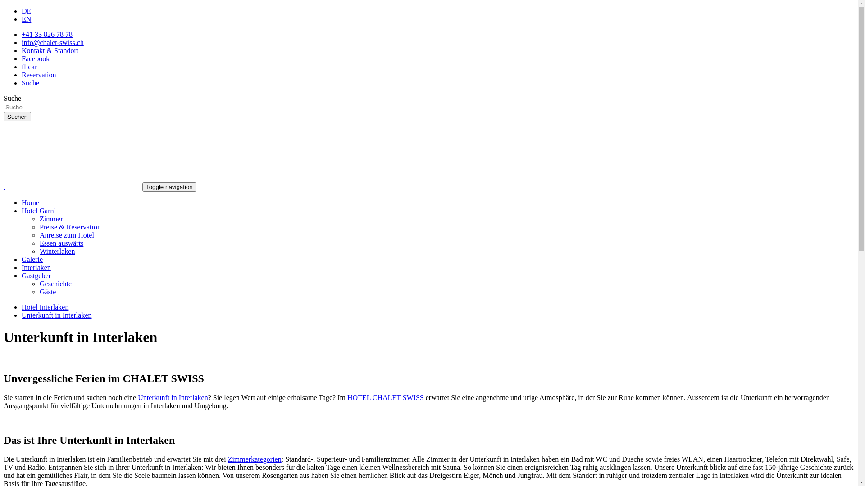 This screenshot has width=865, height=486. What do you see at coordinates (26, 11) in the screenshot?
I see `'DE'` at bounding box center [26, 11].